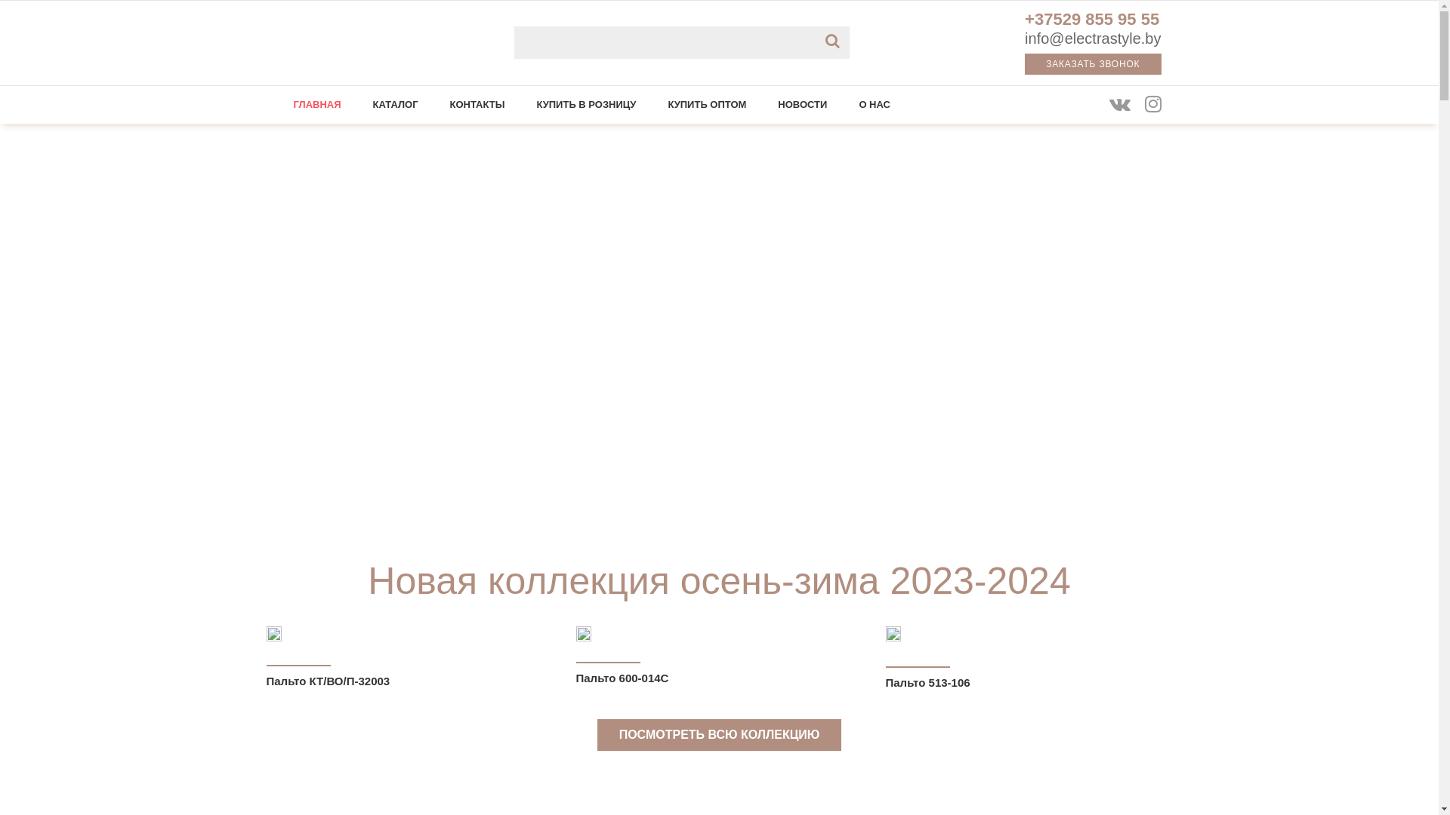  What do you see at coordinates (1092, 37) in the screenshot?
I see `'info@electrastyle.by'` at bounding box center [1092, 37].